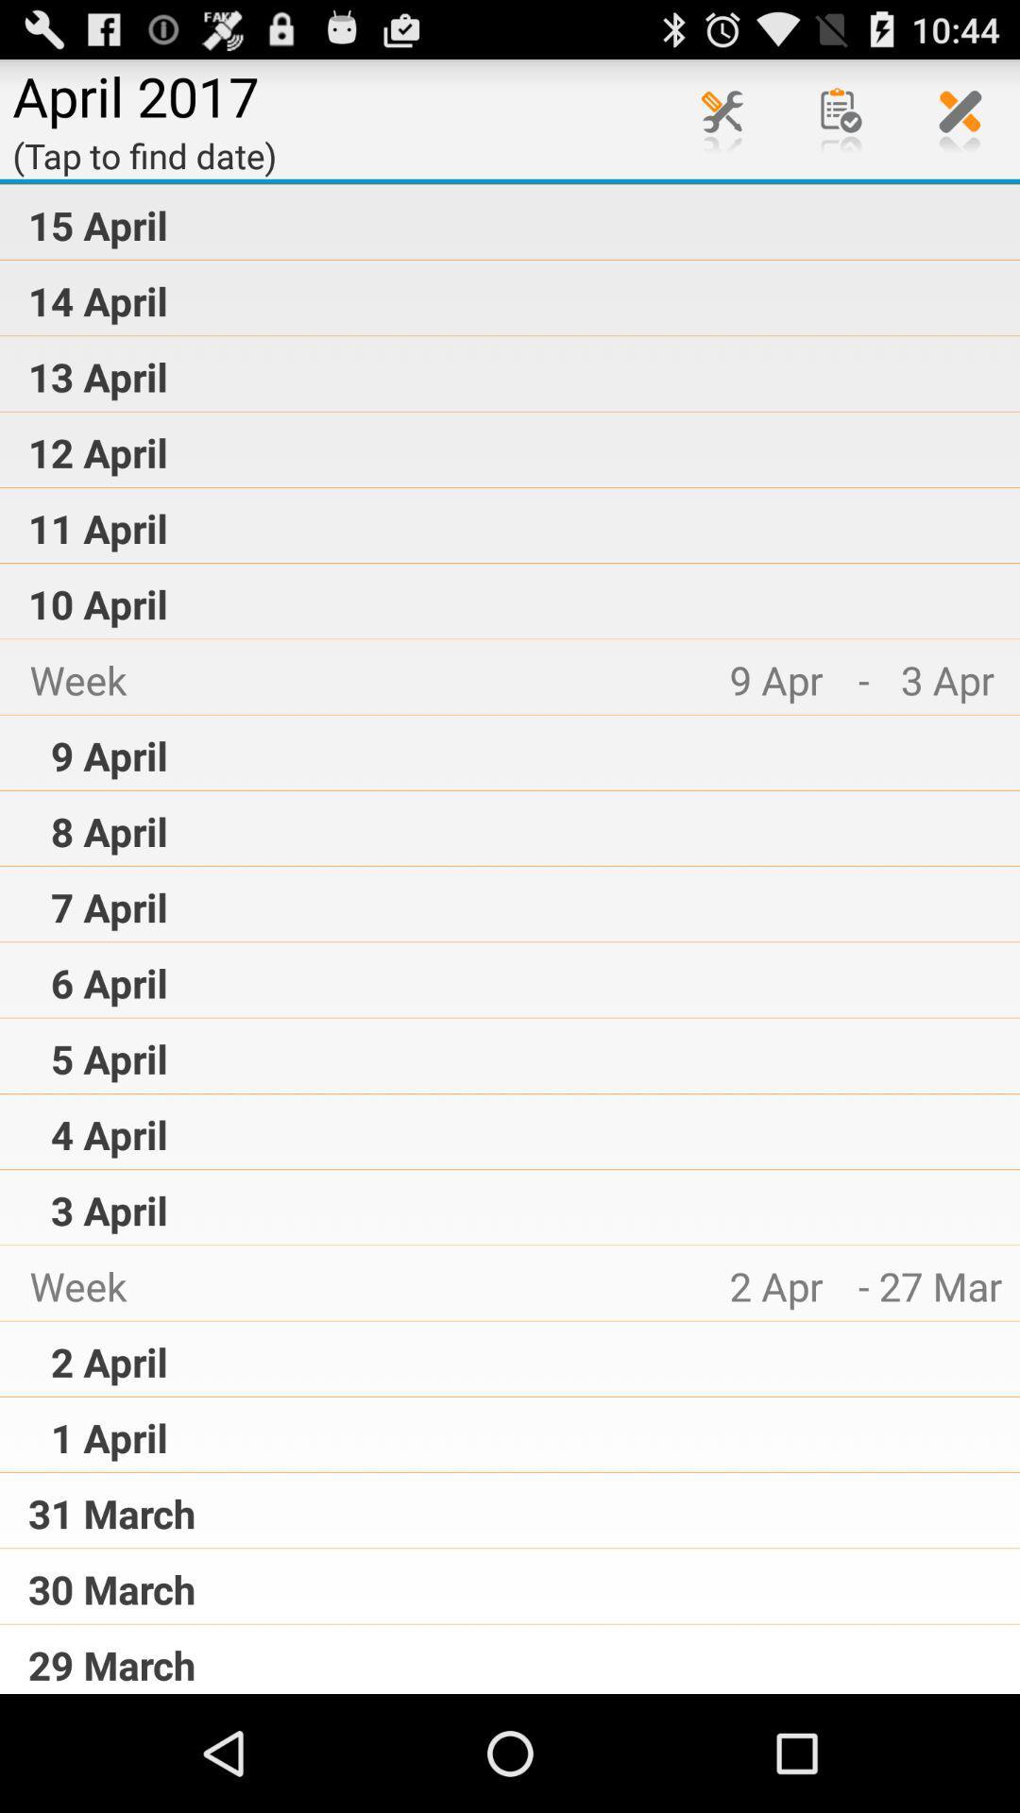 The height and width of the screenshot is (1813, 1020). What do you see at coordinates (722, 117) in the screenshot?
I see `logon` at bounding box center [722, 117].